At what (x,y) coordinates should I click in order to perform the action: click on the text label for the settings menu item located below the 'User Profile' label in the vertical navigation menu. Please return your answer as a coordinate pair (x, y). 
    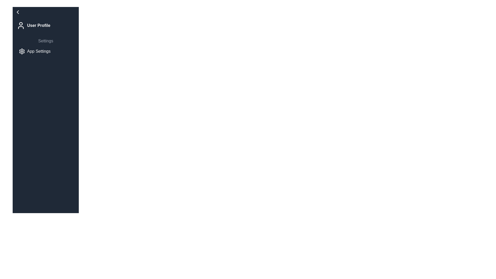
    Looking at the image, I should click on (38, 51).